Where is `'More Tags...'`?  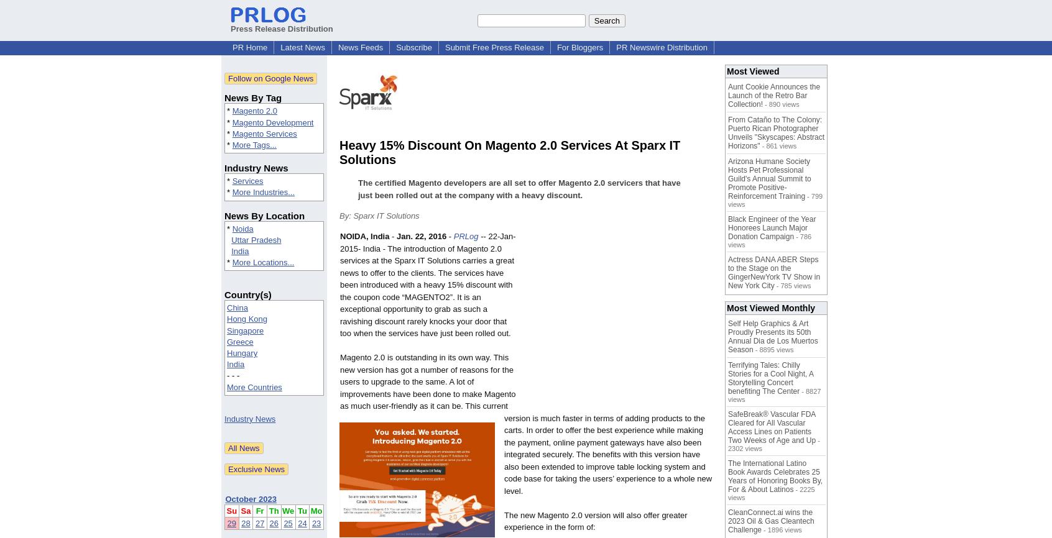
'More Tags...' is located at coordinates (254, 144).